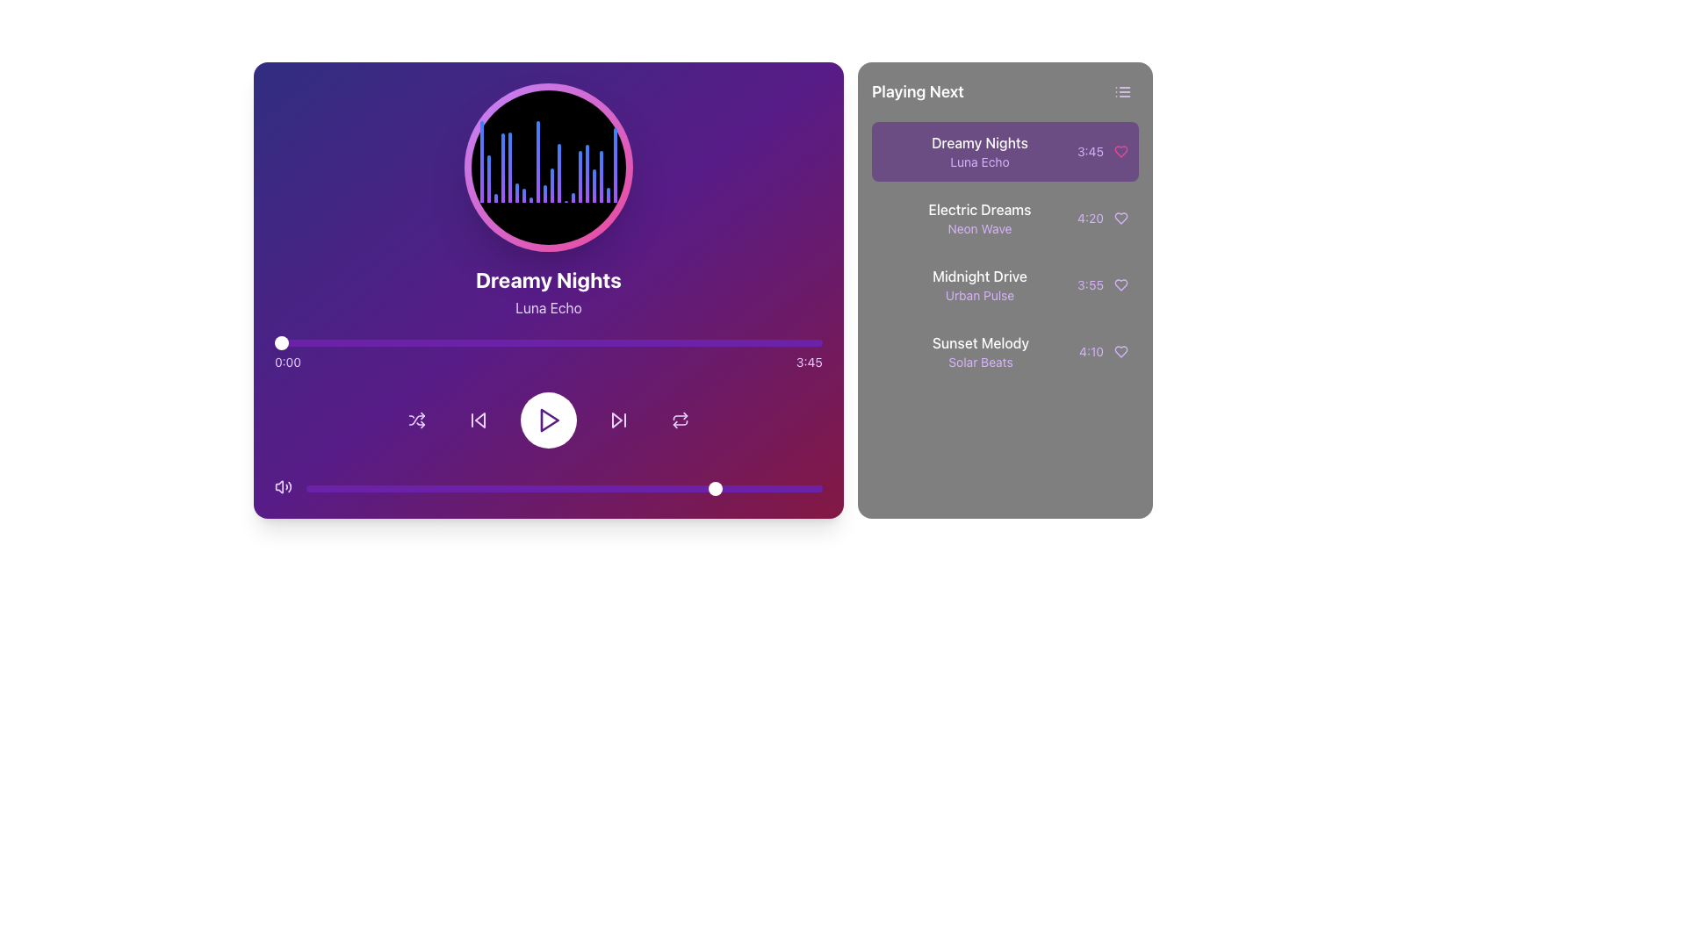 The width and height of the screenshot is (1686, 948). What do you see at coordinates (1120, 151) in the screenshot?
I see `the like or favorite button located to the right of the timestamp '3:45' in the 'Playing Next' section for the item 'Dreamy Nights'` at bounding box center [1120, 151].